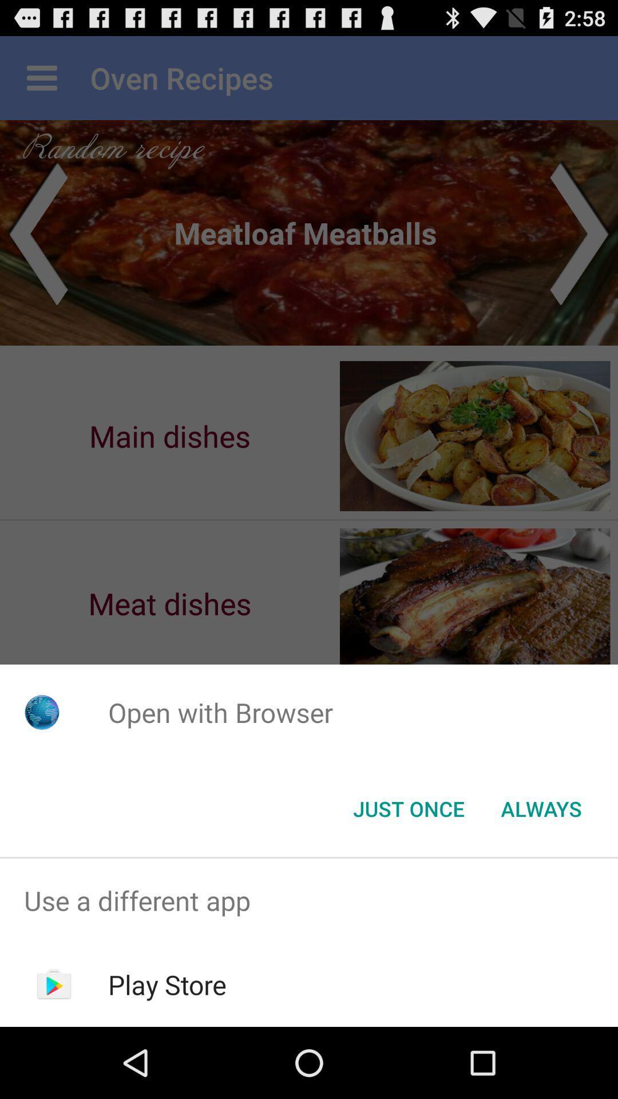 The image size is (618, 1099). Describe the element at coordinates (541, 808) in the screenshot. I see `the button to the right of the just once button` at that location.